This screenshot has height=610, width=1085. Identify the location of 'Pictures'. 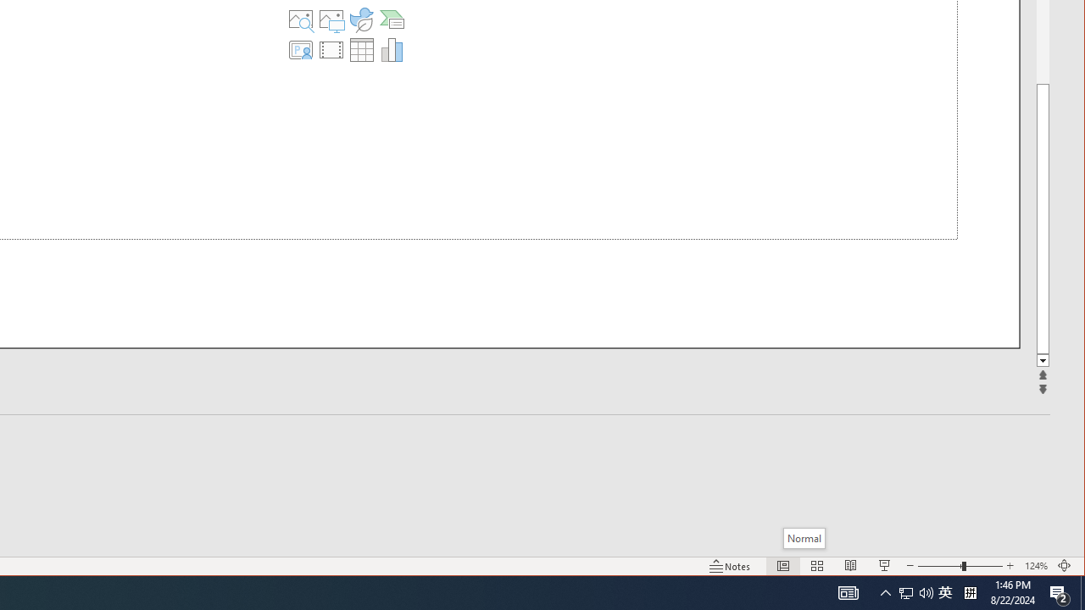
(331, 19).